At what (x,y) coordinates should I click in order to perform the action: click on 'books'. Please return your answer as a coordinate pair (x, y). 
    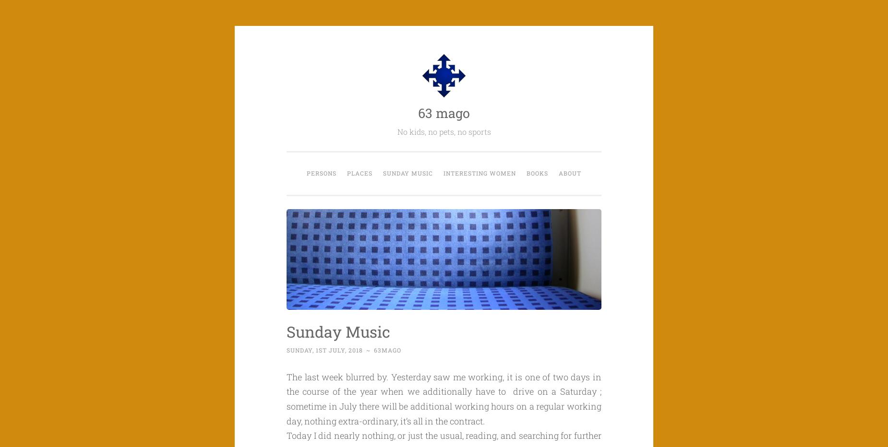
    Looking at the image, I should click on (526, 172).